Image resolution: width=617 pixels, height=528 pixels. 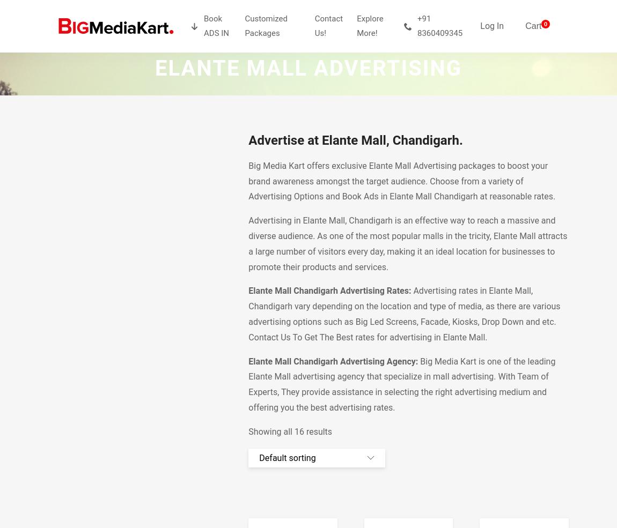 I want to click on 'Radio', so click(x=191, y=105).